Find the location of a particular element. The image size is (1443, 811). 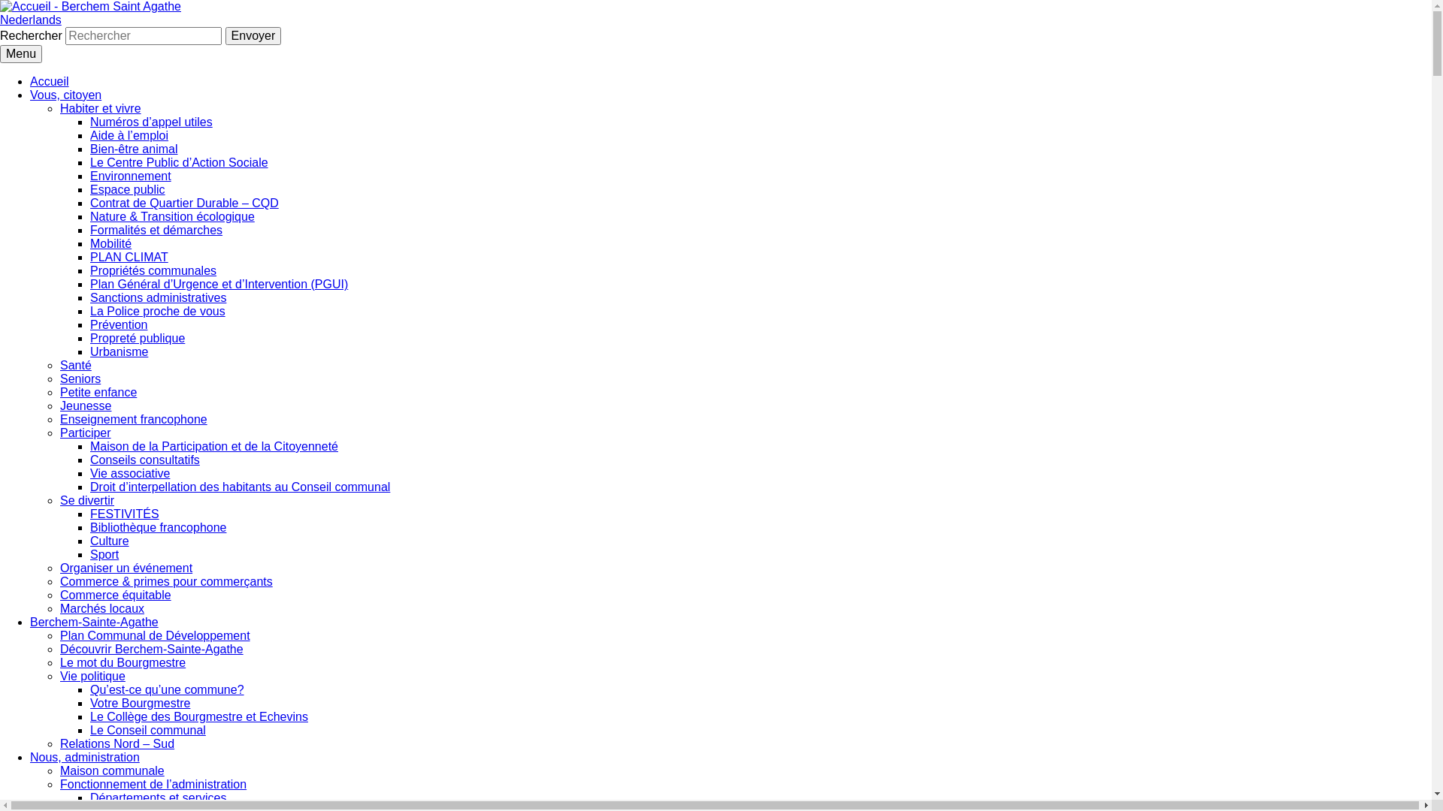

'Le Conseil communal' is located at coordinates (147, 729).